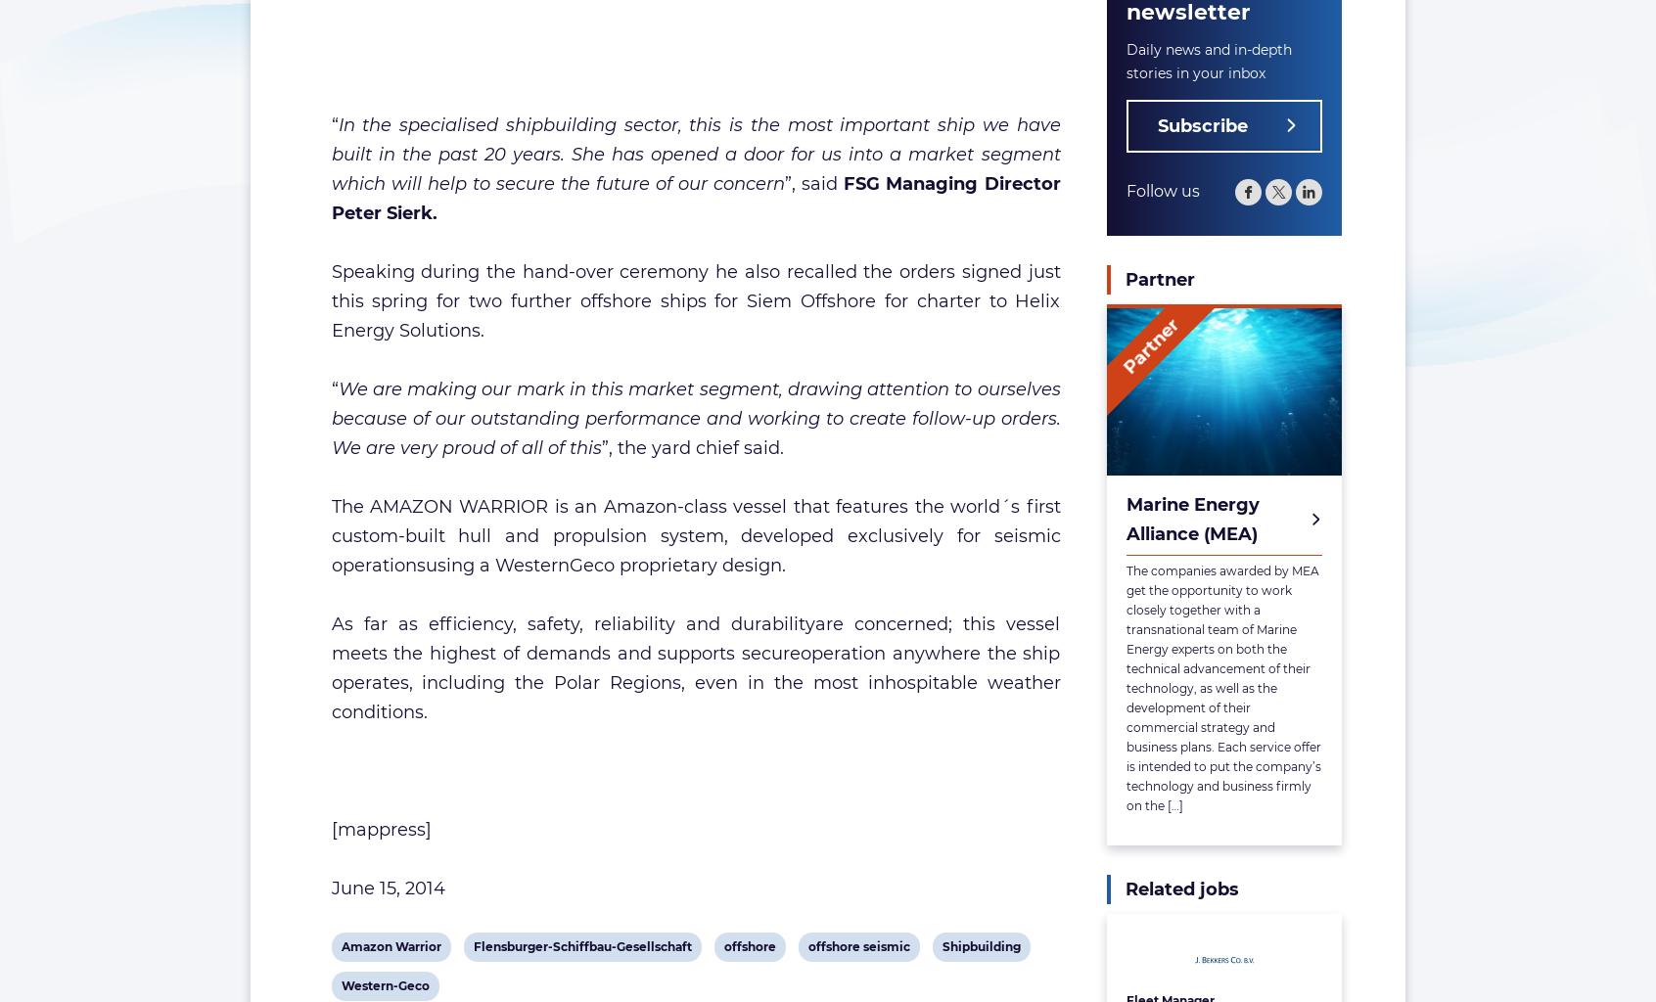 The width and height of the screenshot is (1656, 1002). Describe the element at coordinates (600, 448) in the screenshot. I see `'”, the yard chief said.'` at that location.